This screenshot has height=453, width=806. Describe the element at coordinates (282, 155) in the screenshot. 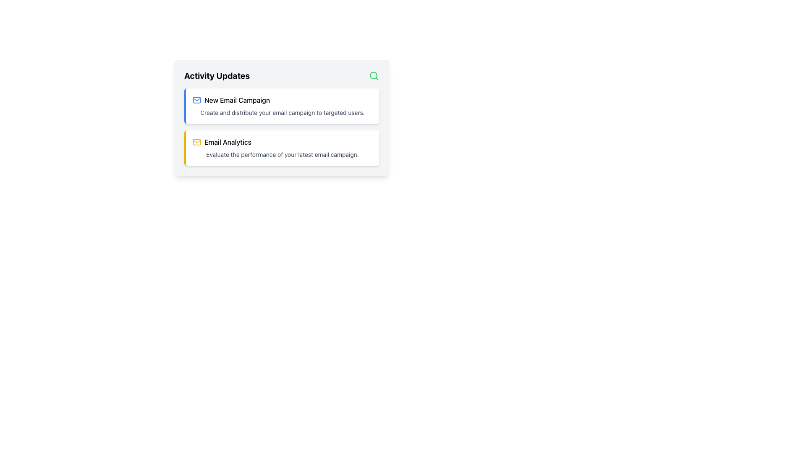

I see `the text label that provides a brief description of the user's latest email campaign, located below 'Email Analytics' within a highlighted card with a yellow left border` at that location.